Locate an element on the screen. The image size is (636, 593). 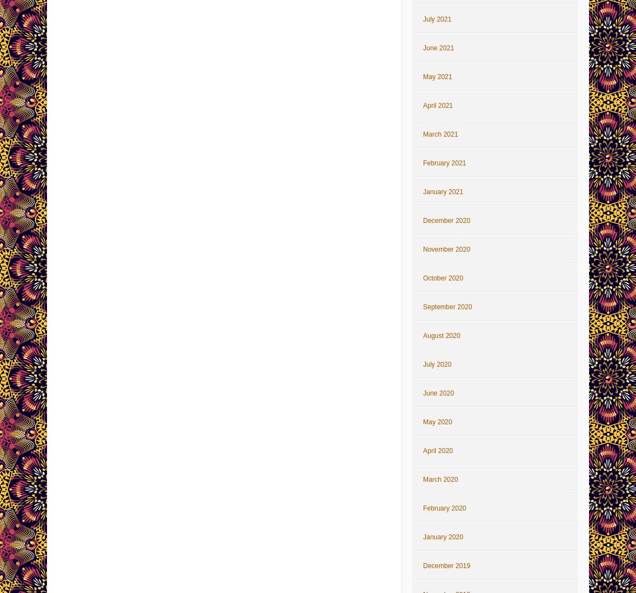
'May 2021' is located at coordinates (436, 76).